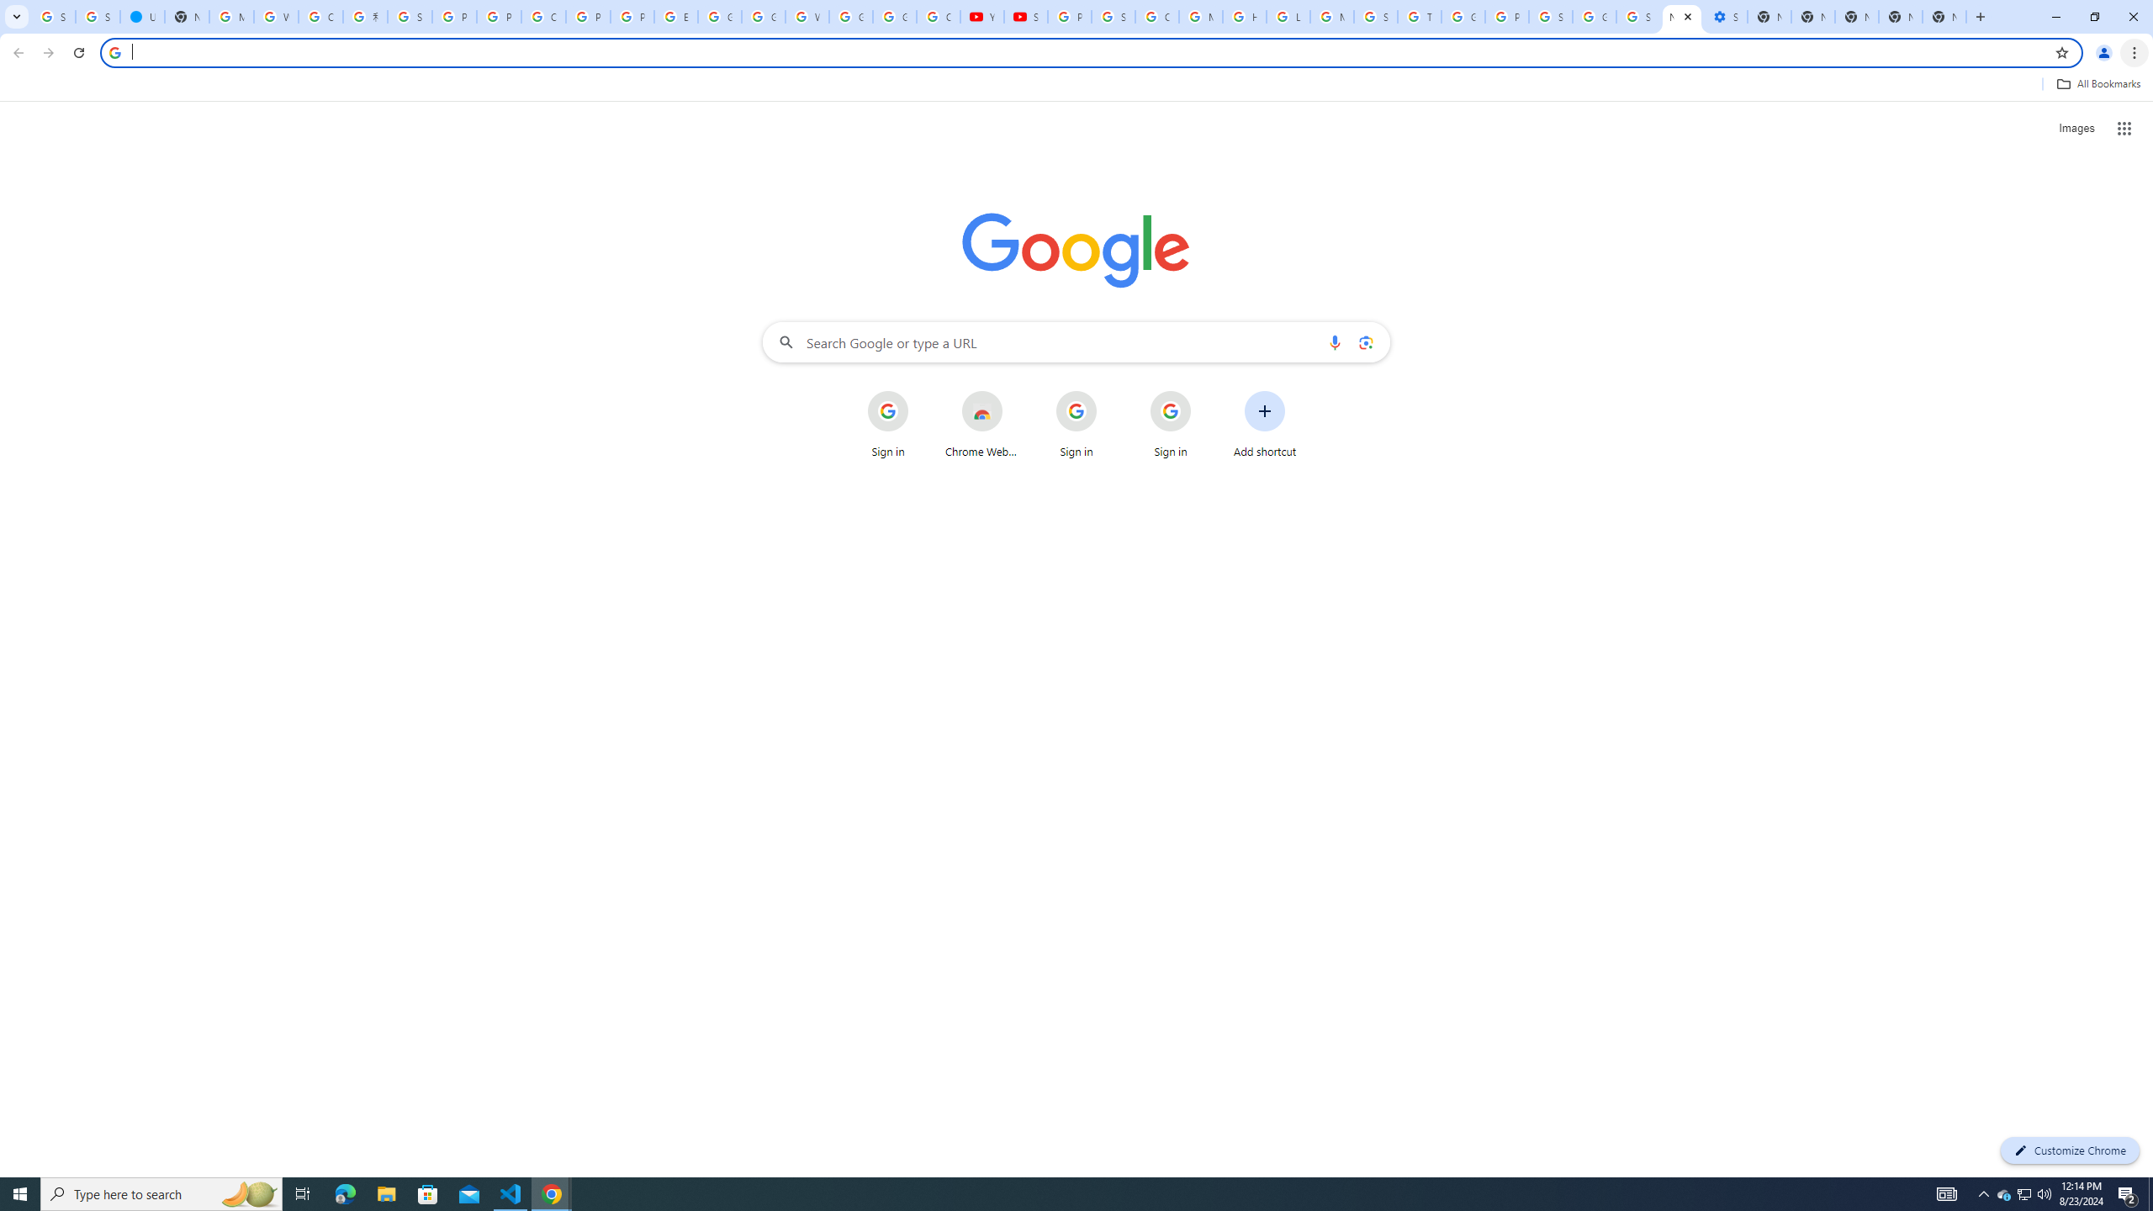 The height and width of the screenshot is (1211, 2153). I want to click on 'New Tab', so click(1944, 16).